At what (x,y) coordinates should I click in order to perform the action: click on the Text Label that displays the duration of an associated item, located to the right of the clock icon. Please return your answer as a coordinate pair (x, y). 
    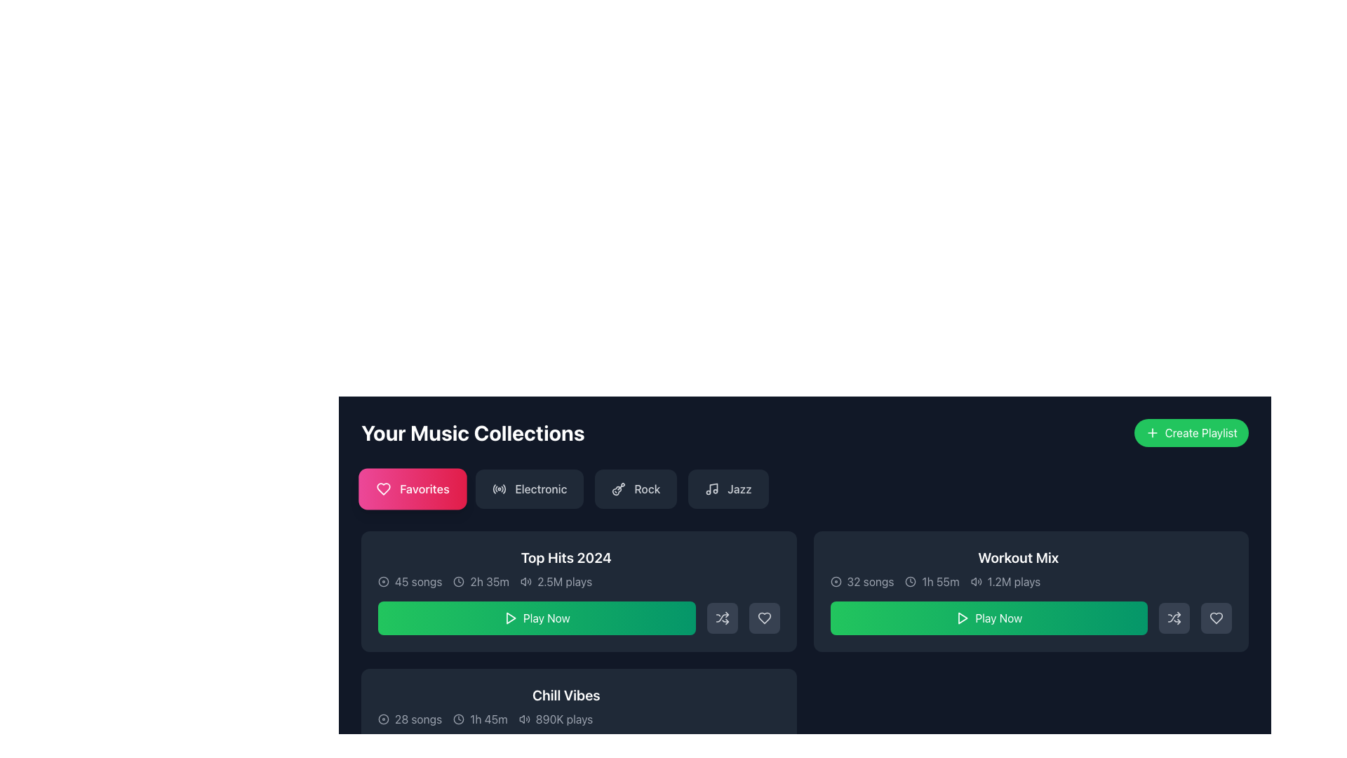
    Looking at the image, I should click on (490, 582).